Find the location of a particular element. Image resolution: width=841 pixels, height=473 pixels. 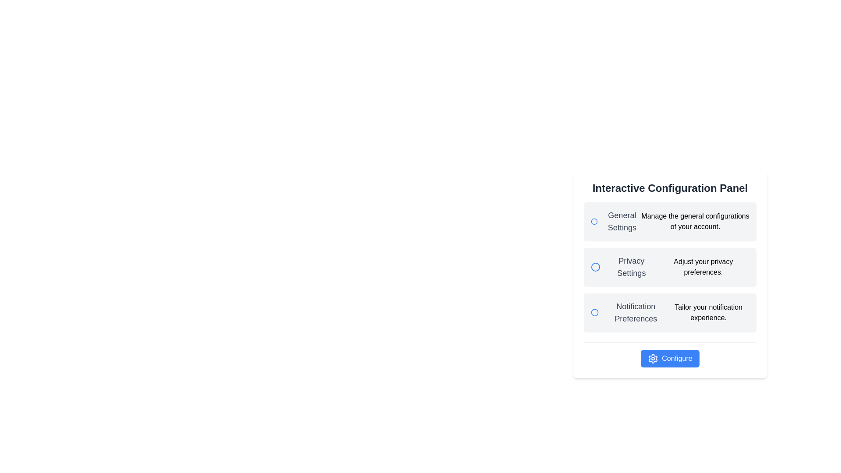

the 'Privacy Settings' text label element, which is associated with a radio button in the settings menu, located in the Interactive Configuration Panel is located at coordinates (623, 266).